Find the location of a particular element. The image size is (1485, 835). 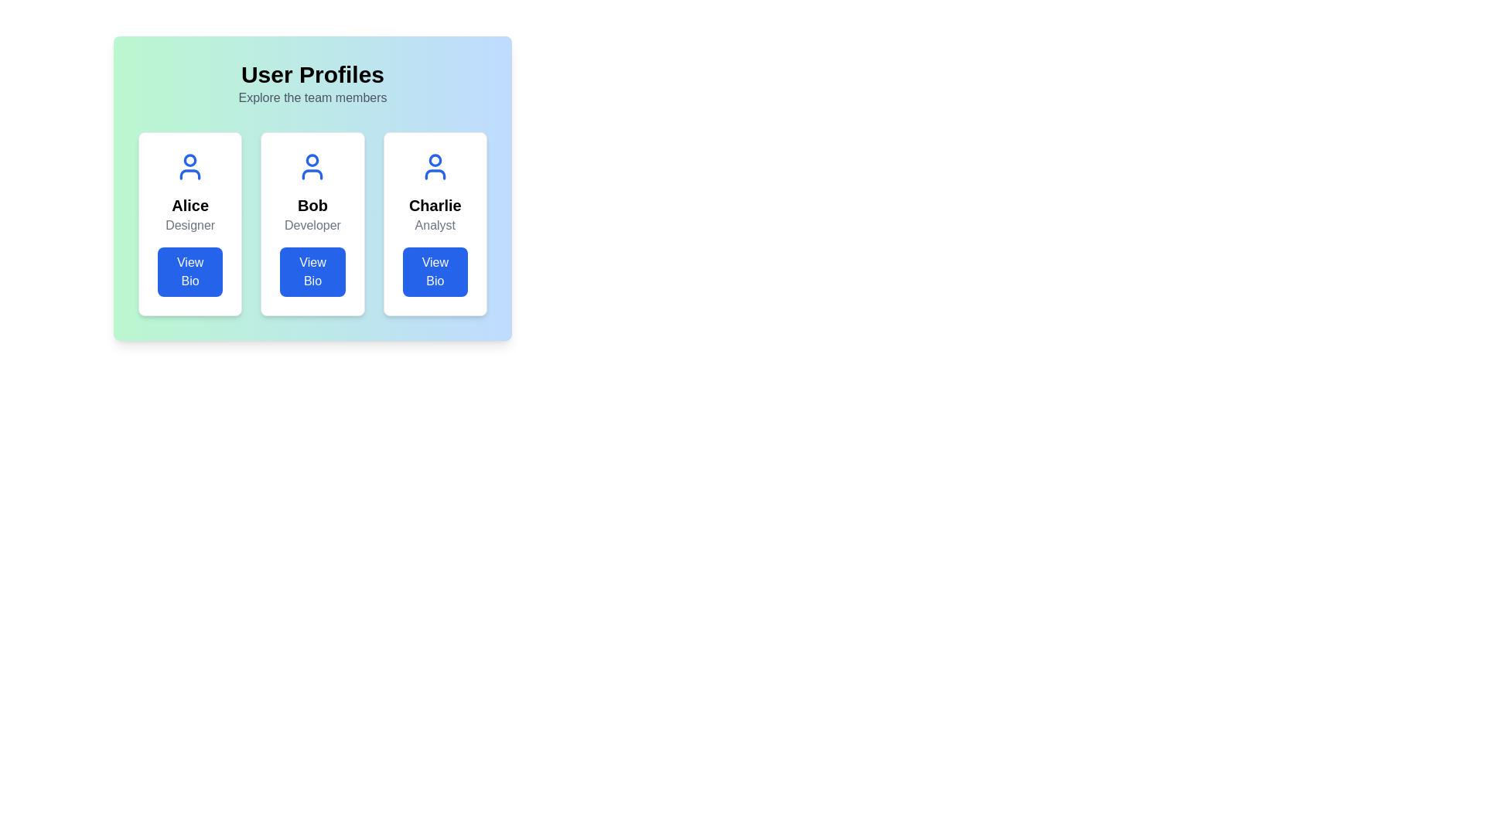

the user icon styled in blue that resembles a simplified avatar of the person 'Charlie', located at the top-center within the card is located at coordinates (434, 167).